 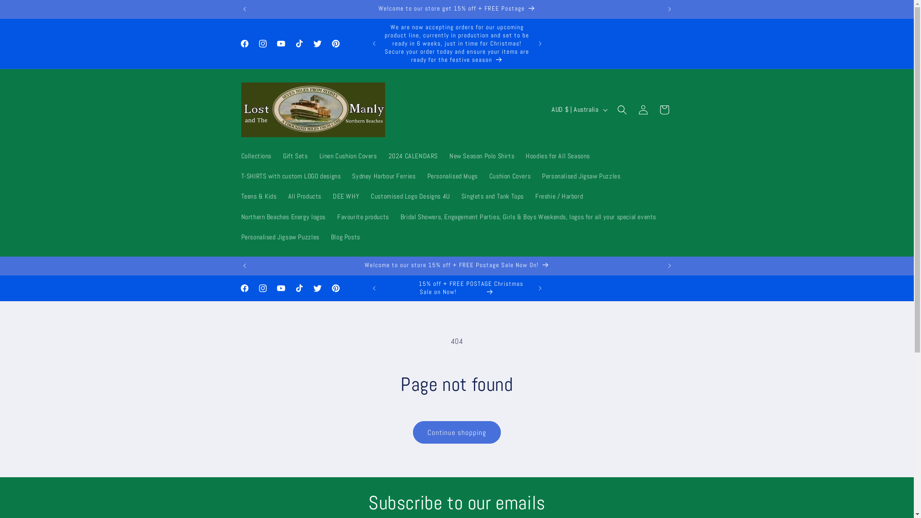 I want to click on 'Linen Cushion Covers', so click(x=347, y=155).